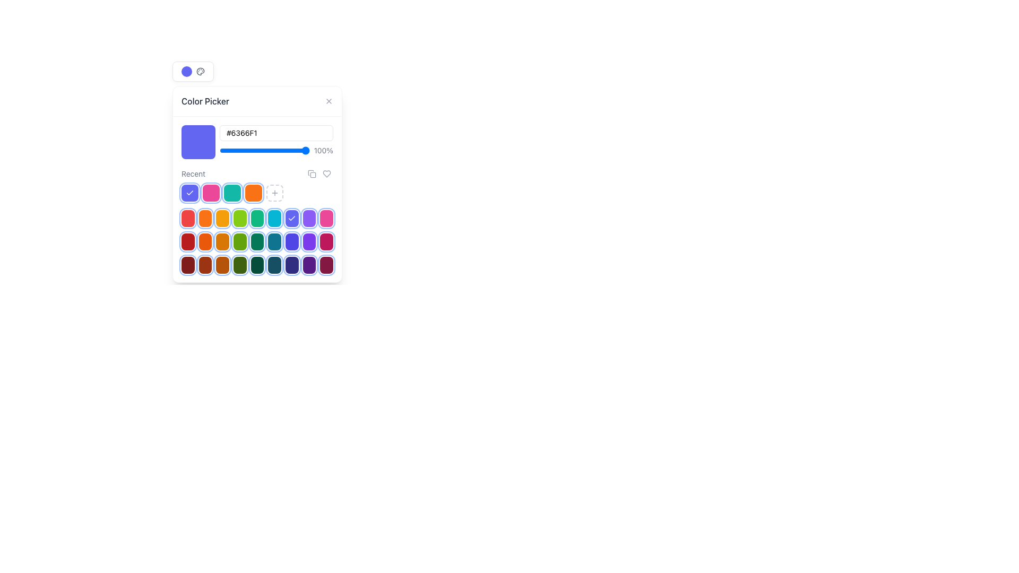  What do you see at coordinates (241, 151) in the screenshot?
I see `the slider value` at bounding box center [241, 151].